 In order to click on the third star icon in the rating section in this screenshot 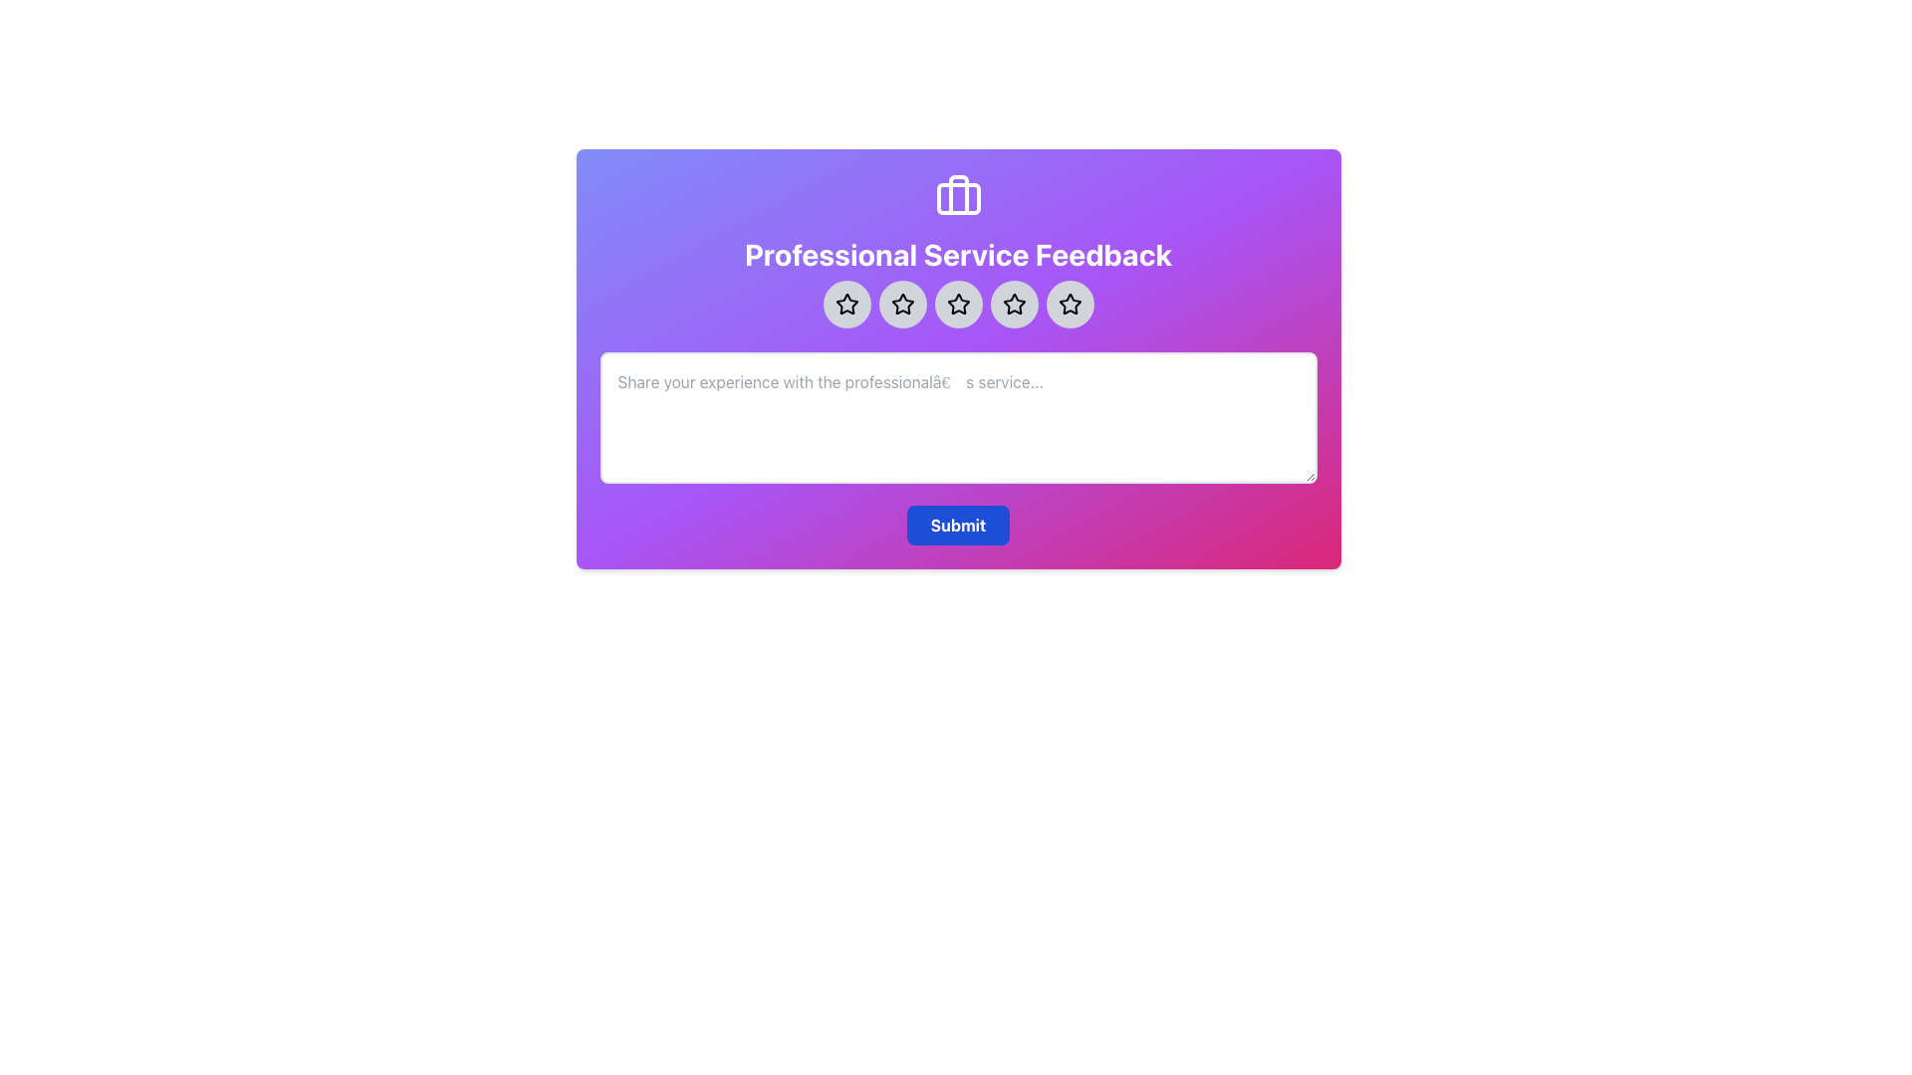, I will do `click(958, 304)`.